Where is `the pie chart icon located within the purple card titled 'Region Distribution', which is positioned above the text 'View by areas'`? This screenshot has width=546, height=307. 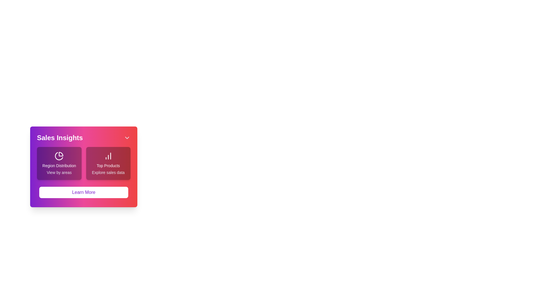 the pie chart icon located within the purple card titled 'Region Distribution', which is positioned above the text 'View by areas' is located at coordinates (59, 156).